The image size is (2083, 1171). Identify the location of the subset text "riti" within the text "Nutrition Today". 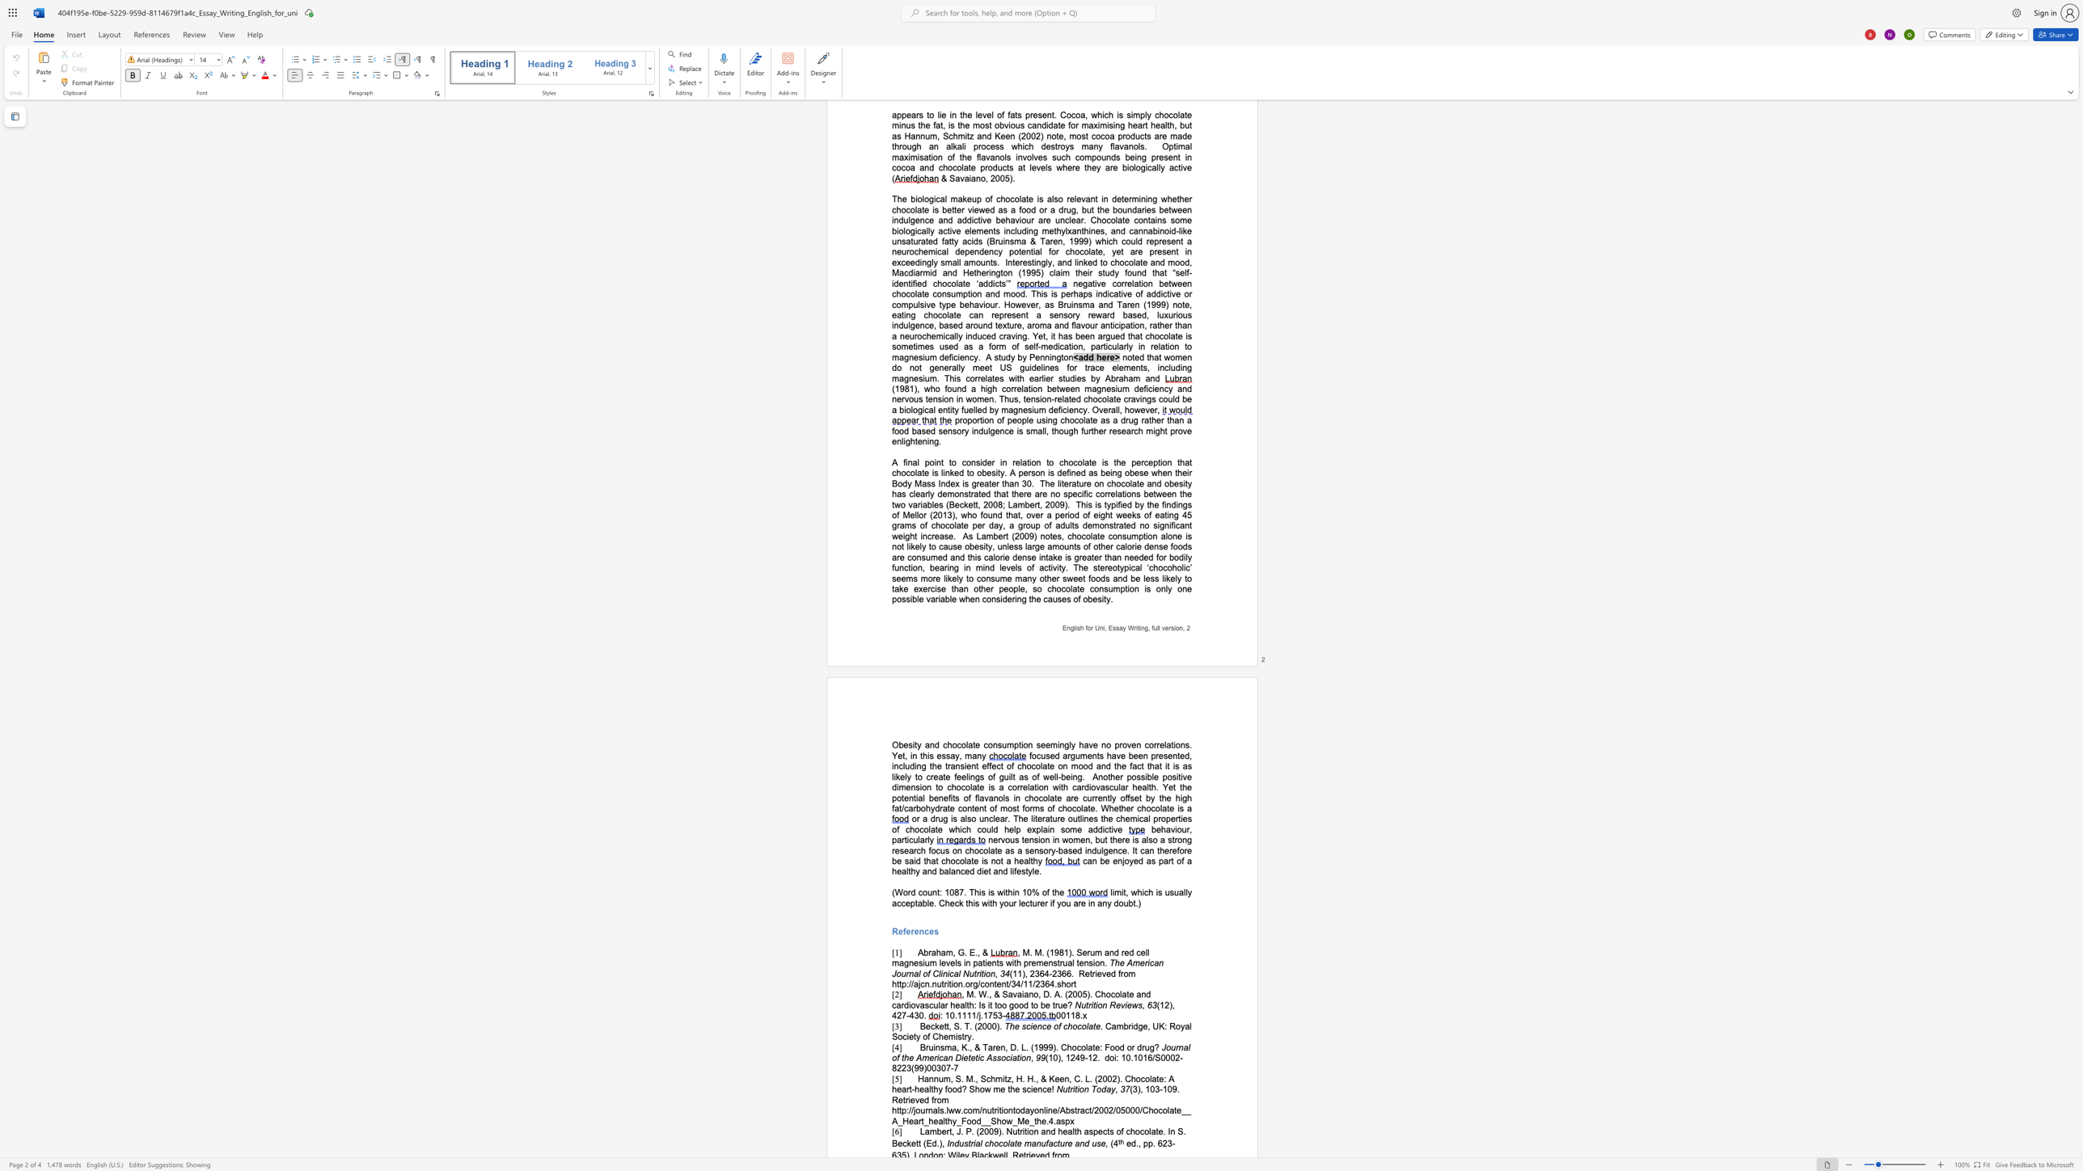
(1070, 1089).